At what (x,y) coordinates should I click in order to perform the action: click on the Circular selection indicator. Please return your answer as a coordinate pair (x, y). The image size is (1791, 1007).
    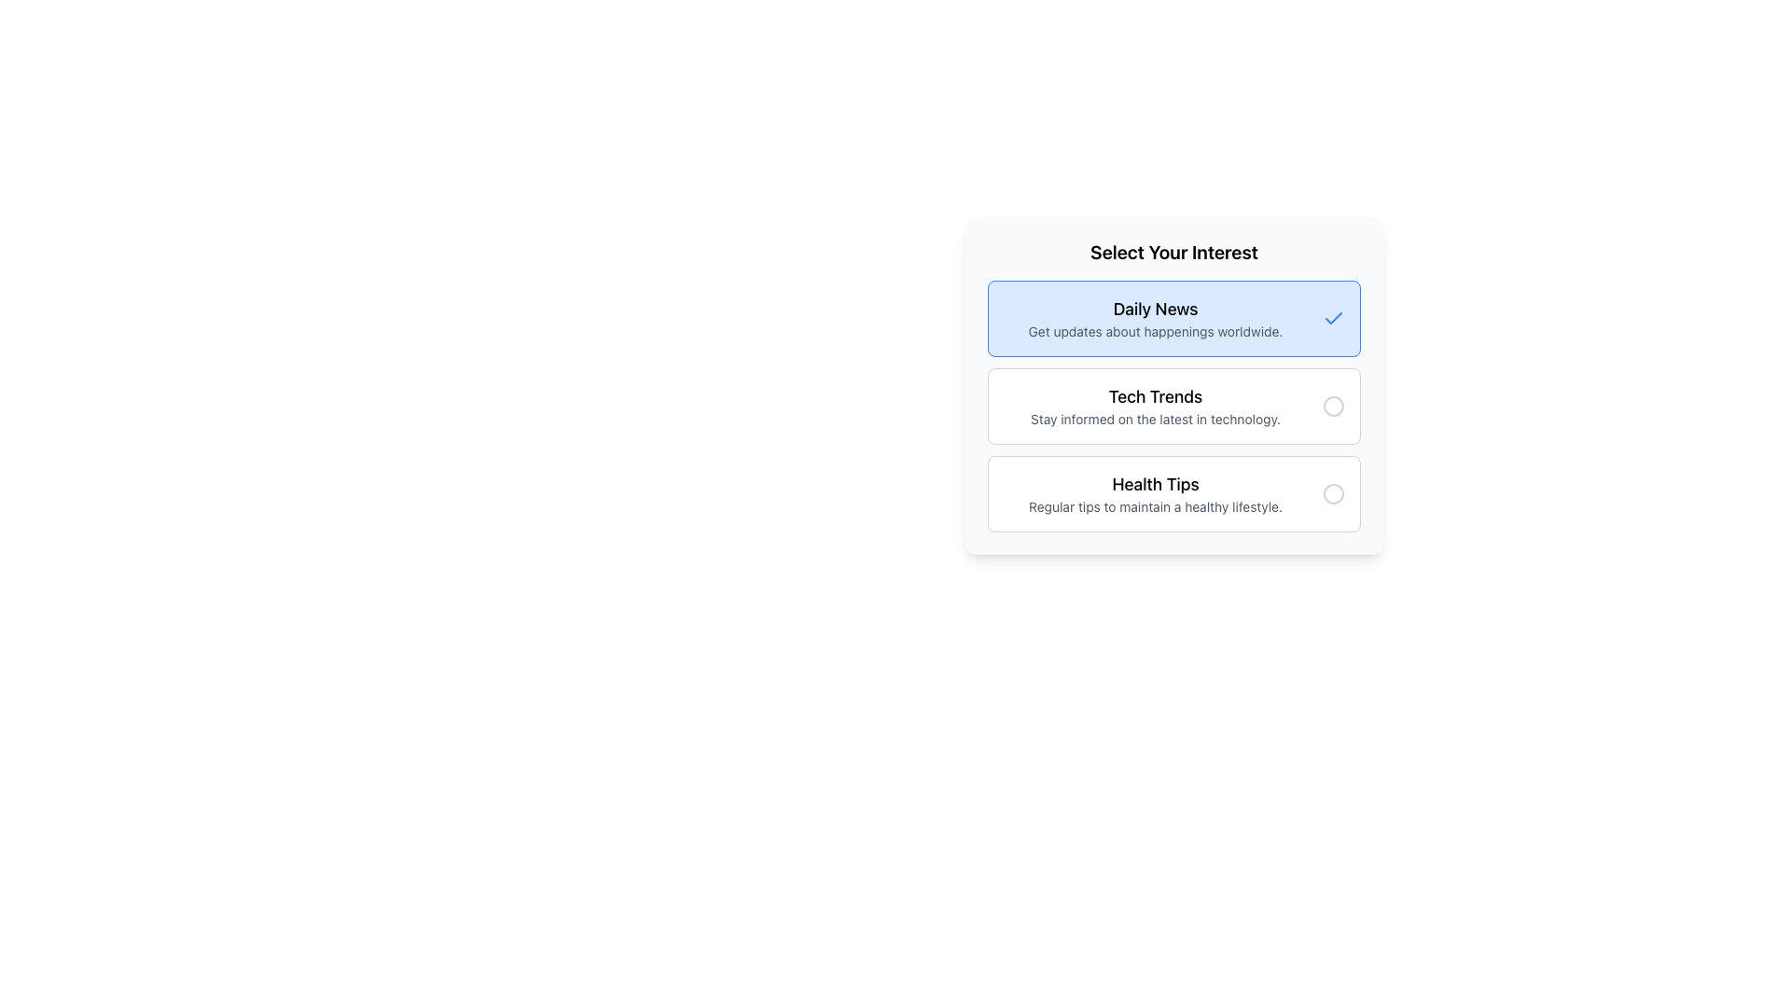
    Looking at the image, I should click on (1333, 492).